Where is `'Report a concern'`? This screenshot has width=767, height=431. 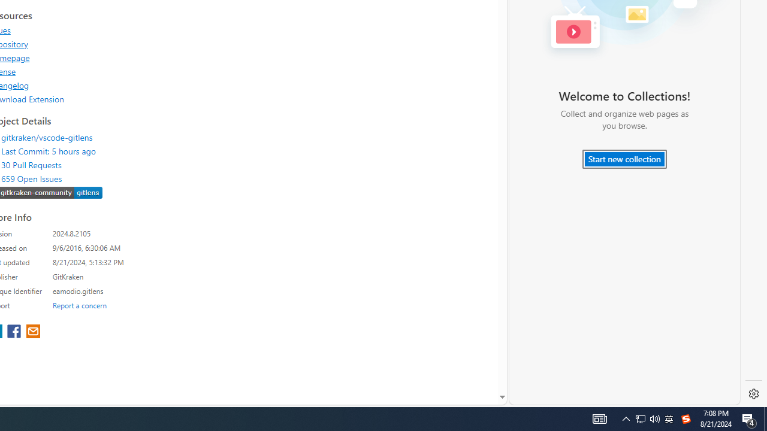 'Report a concern' is located at coordinates (79, 304).